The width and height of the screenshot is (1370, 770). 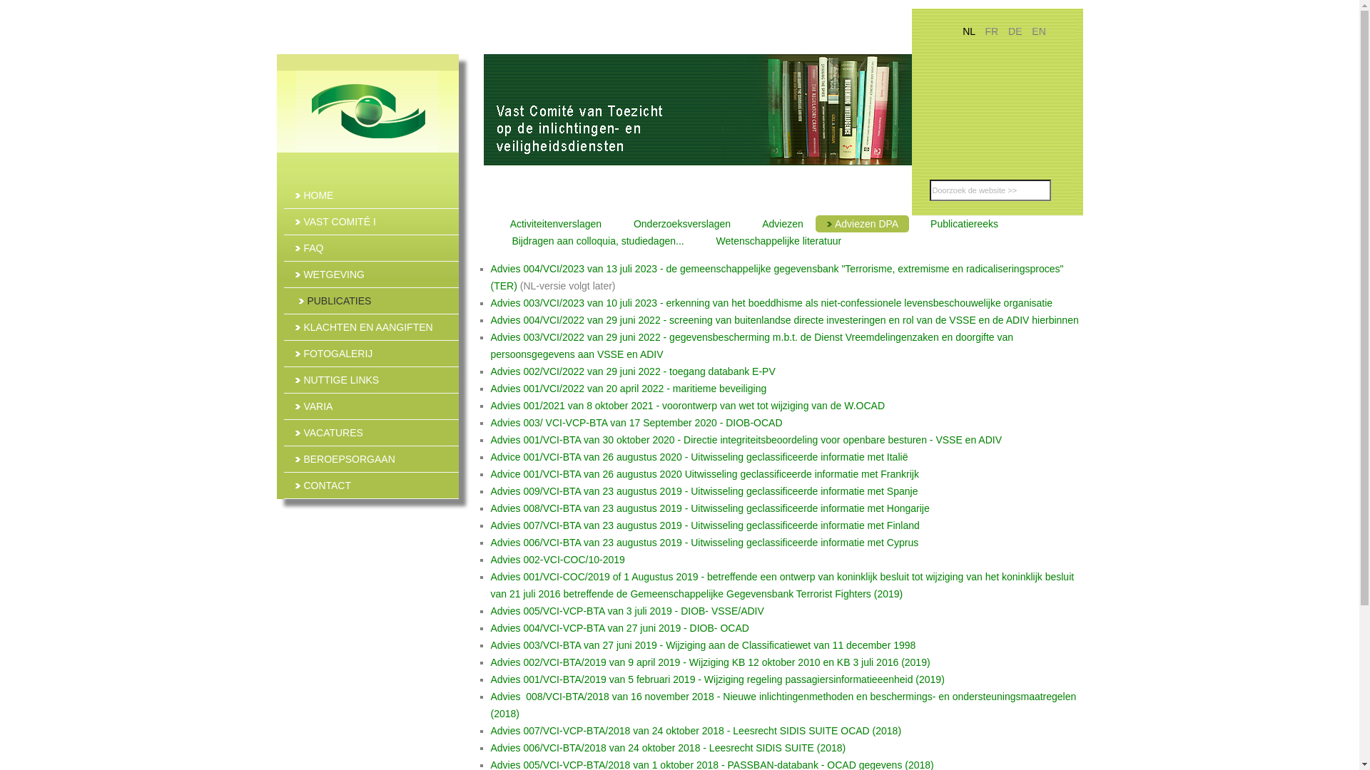 I want to click on 'NL', so click(x=962, y=31).